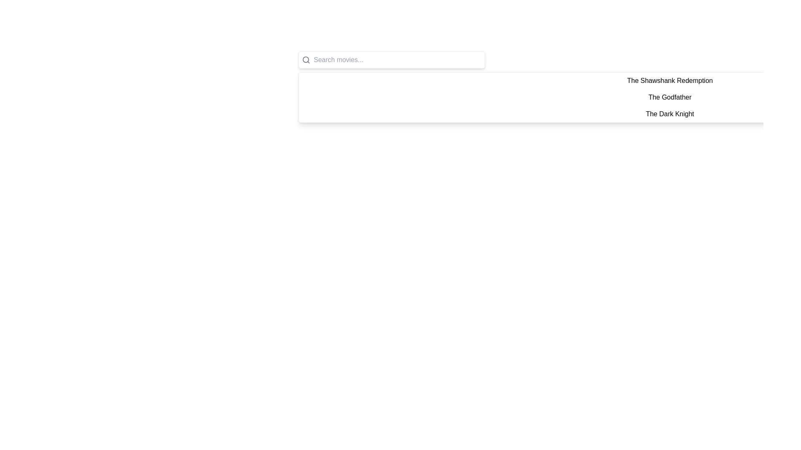 This screenshot has height=450, width=801. What do you see at coordinates (305, 59) in the screenshot?
I see `the circular part of the magnifying glass icon, which visually represents the lens and indicates the search functionality` at bounding box center [305, 59].